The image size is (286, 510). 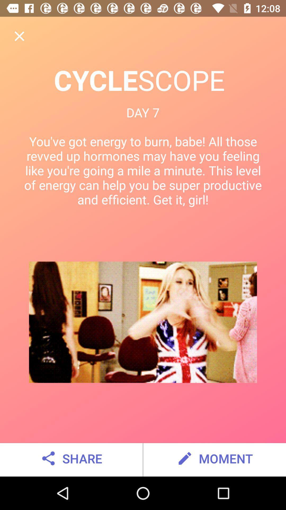 What do you see at coordinates (215, 458) in the screenshot?
I see `moment at the bottom right corner` at bounding box center [215, 458].